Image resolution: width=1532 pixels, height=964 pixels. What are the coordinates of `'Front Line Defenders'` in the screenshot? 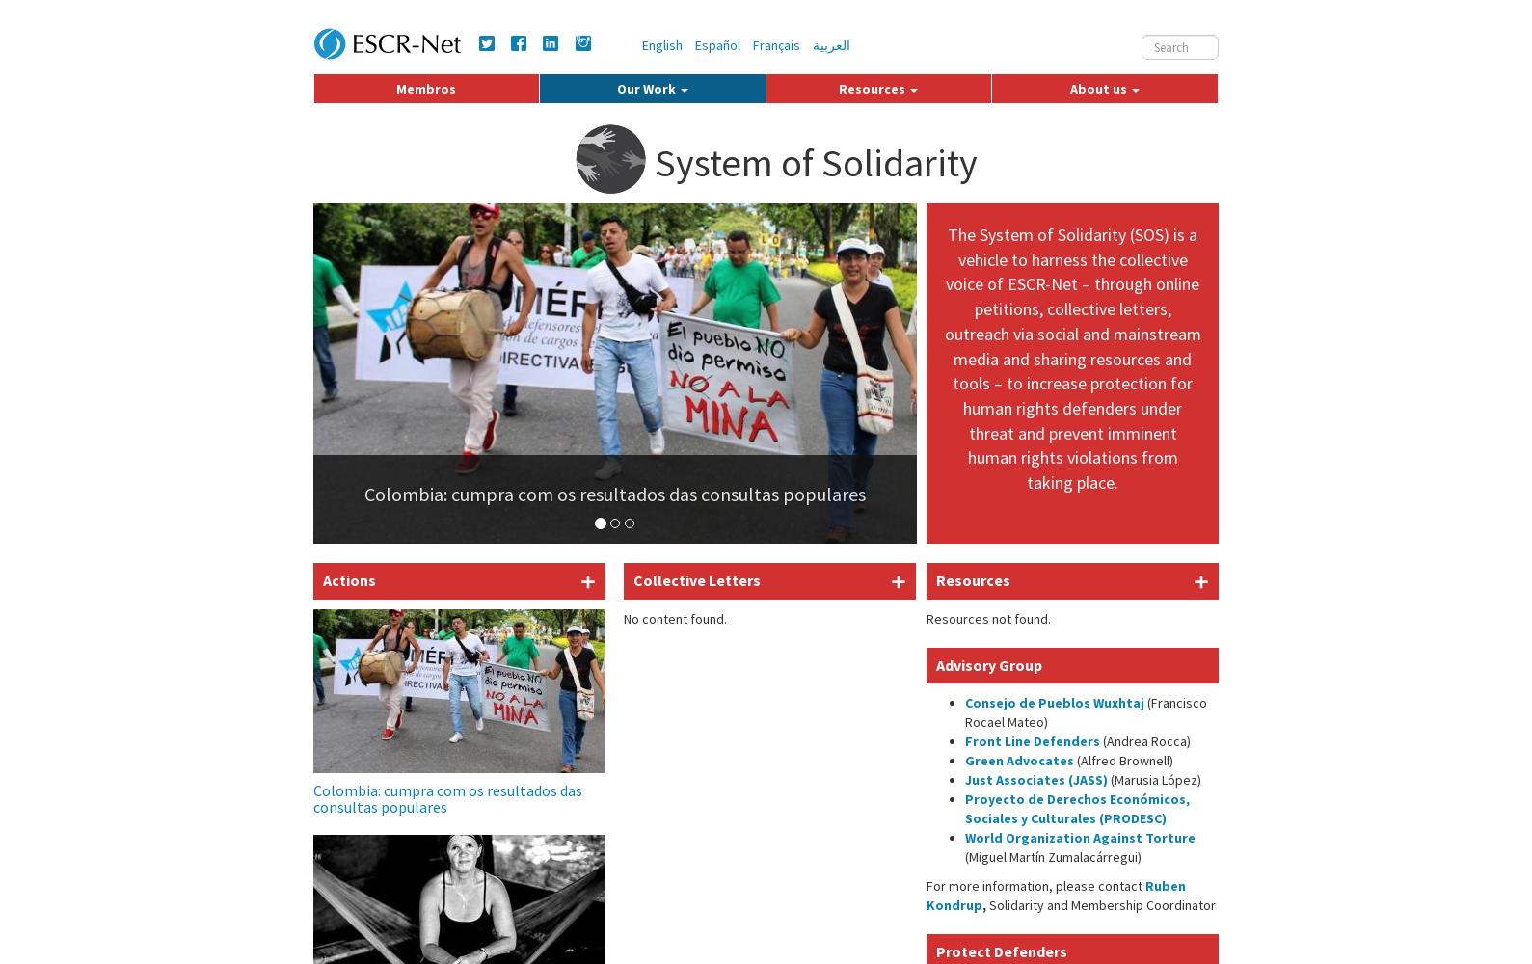 It's located at (1031, 741).